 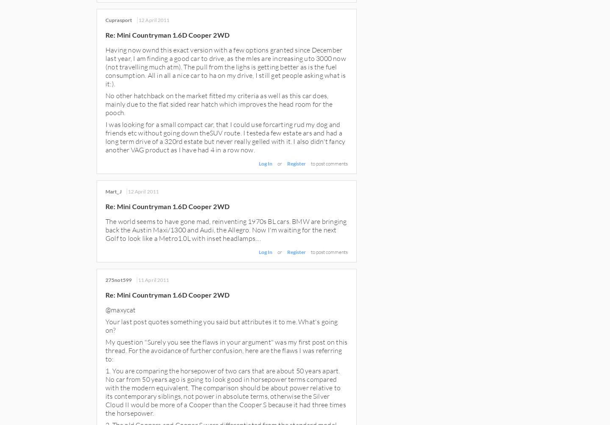 I want to click on 'I was looking for a small compact car, that I could use forcarting rud my dog and friends etc without going down theSUV route. I testeda few estate ars and had a long term drive of a 320rd estate but never really gelled with it. I also didn't fancy another VAG product as I have had 4 in a row now.', so click(x=225, y=137).